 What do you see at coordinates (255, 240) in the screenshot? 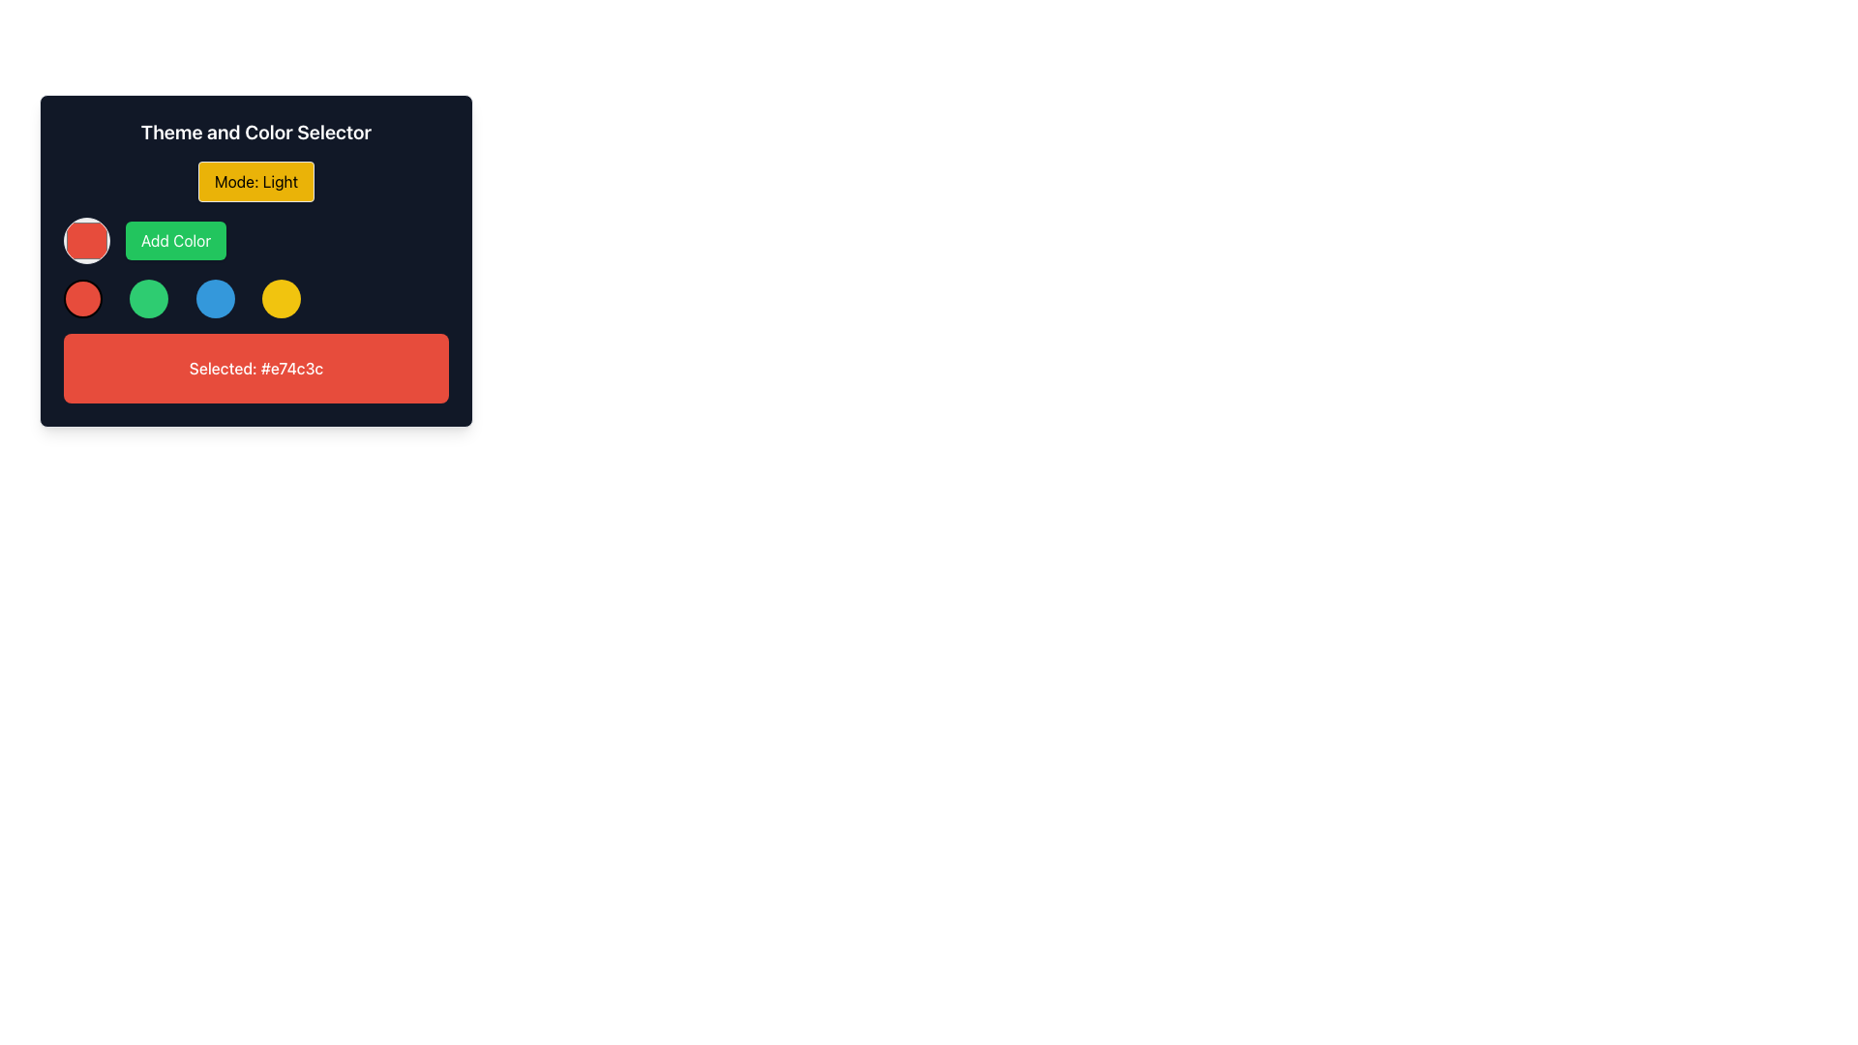
I see `the 'Add Color' green button located on the right side of the Composite containing a color toggle and an action button, which is positioned within a dark-themed card interface` at bounding box center [255, 240].